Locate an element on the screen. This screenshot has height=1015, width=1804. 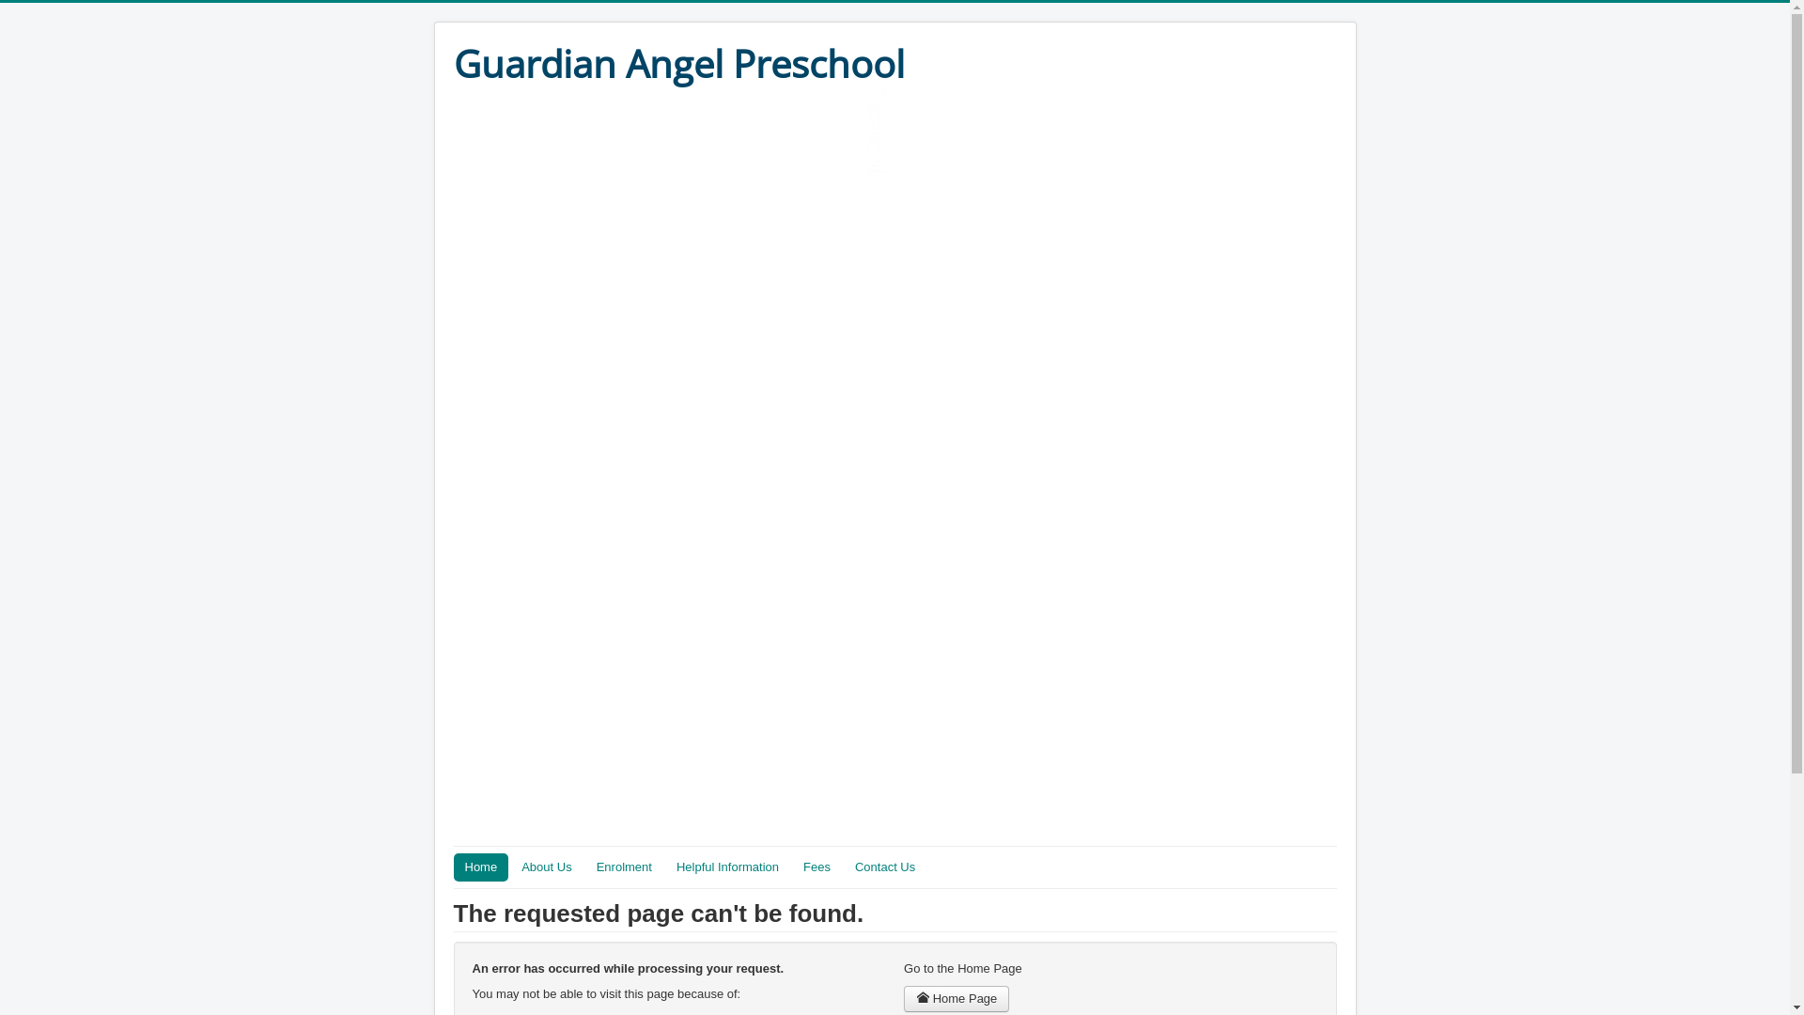
'Home Page' is located at coordinates (956, 998).